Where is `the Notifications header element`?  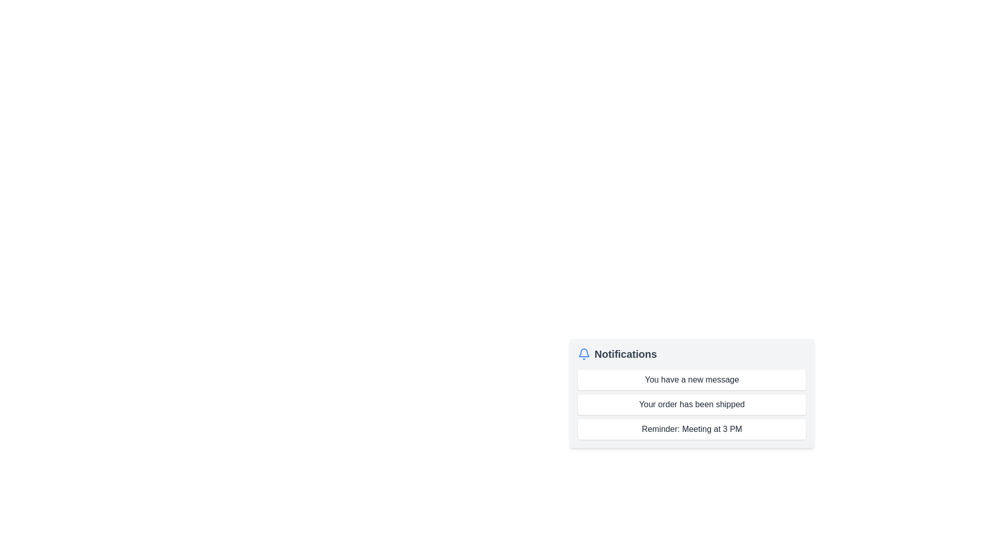
the Notifications header element is located at coordinates (692, 353).